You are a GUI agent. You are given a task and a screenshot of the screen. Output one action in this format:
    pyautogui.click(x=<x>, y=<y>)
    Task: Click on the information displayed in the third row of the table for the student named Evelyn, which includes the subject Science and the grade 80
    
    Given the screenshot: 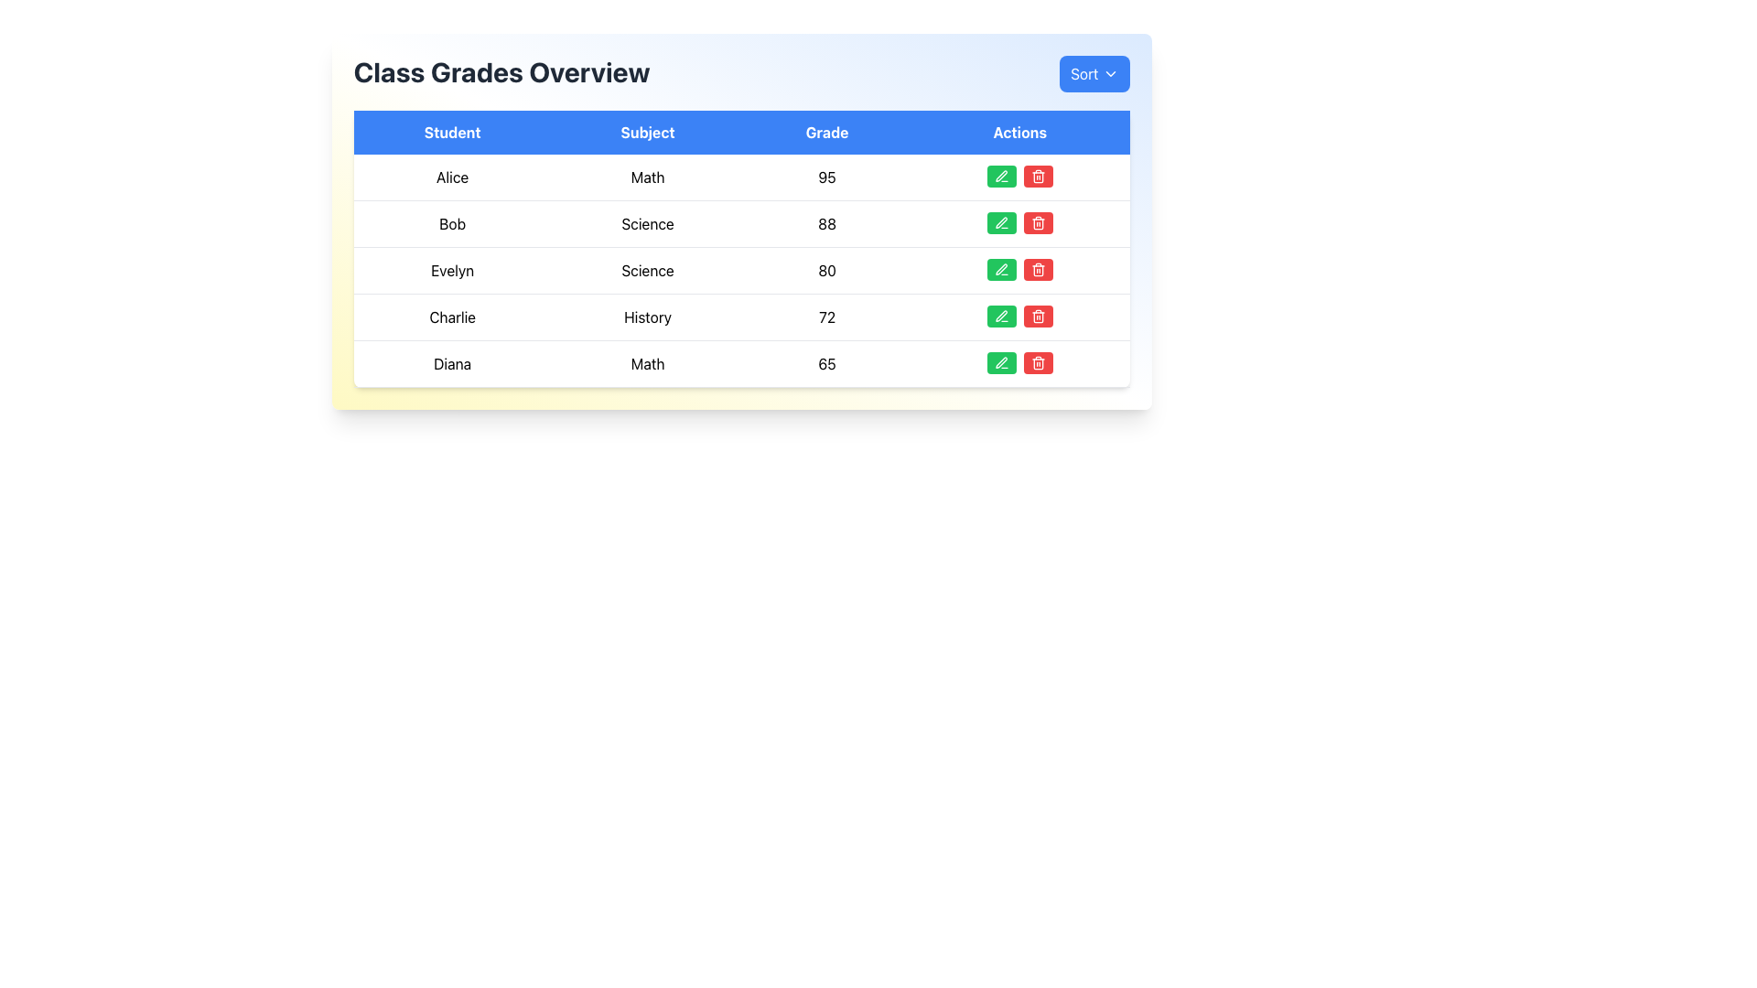 What is the action you would take?
    pyautogui.click(x=741, y=271)
    